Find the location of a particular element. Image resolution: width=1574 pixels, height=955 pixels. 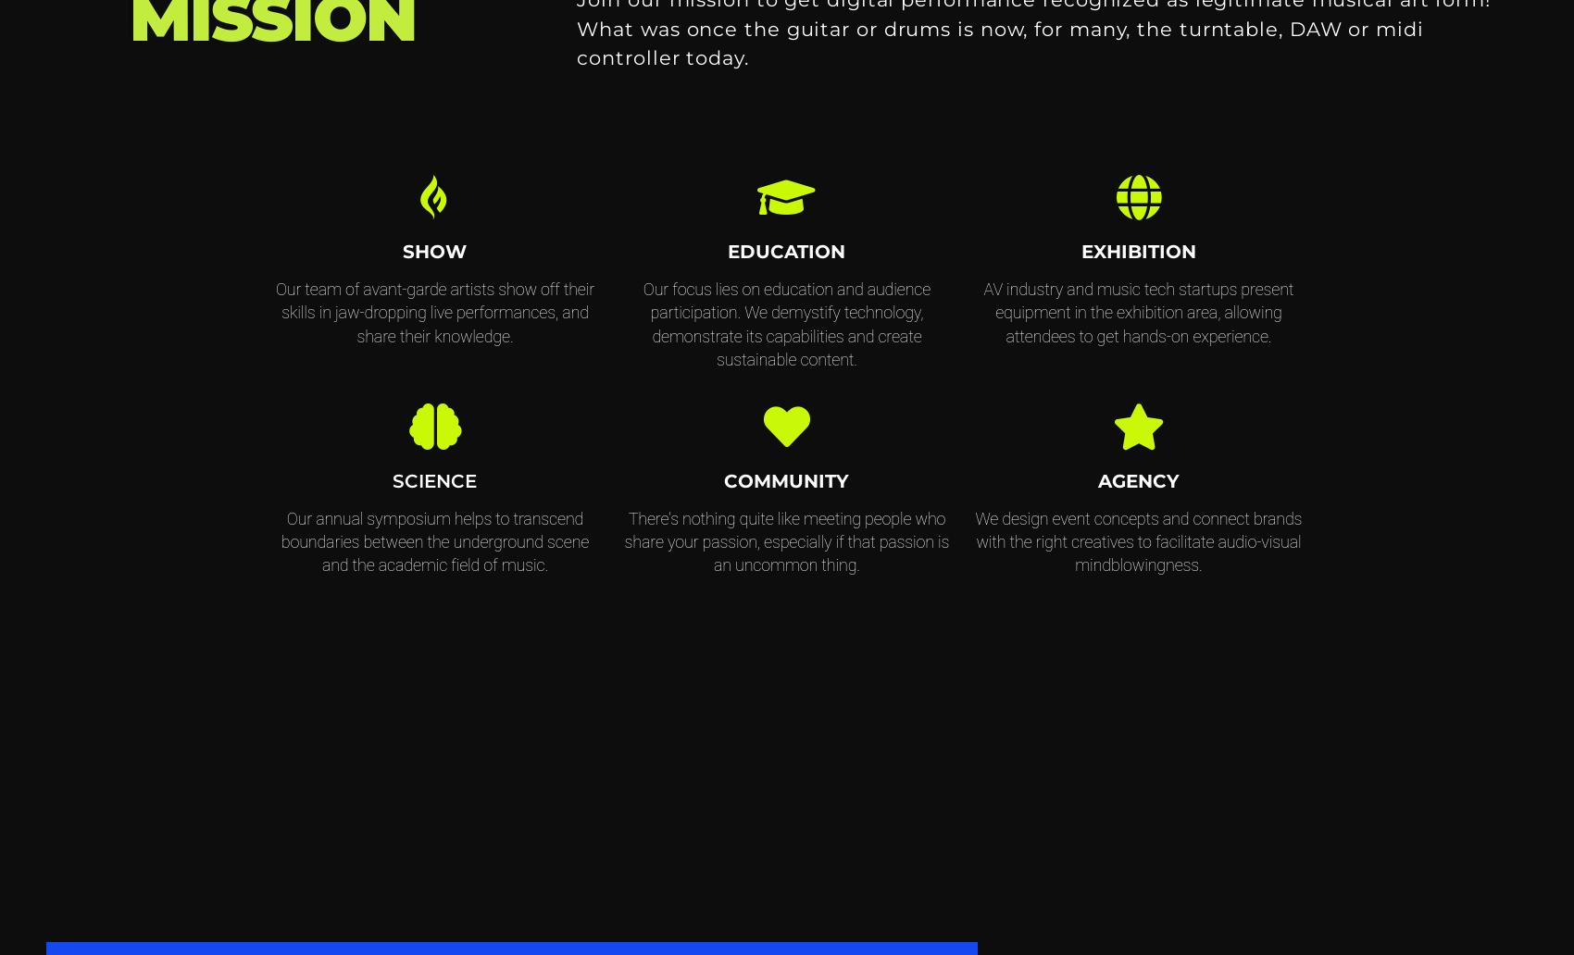

'Our team of avant-garde artists show off their skills in jaw-dropping live performances, and share their knowledge.' is located at coordinates (274, 312).